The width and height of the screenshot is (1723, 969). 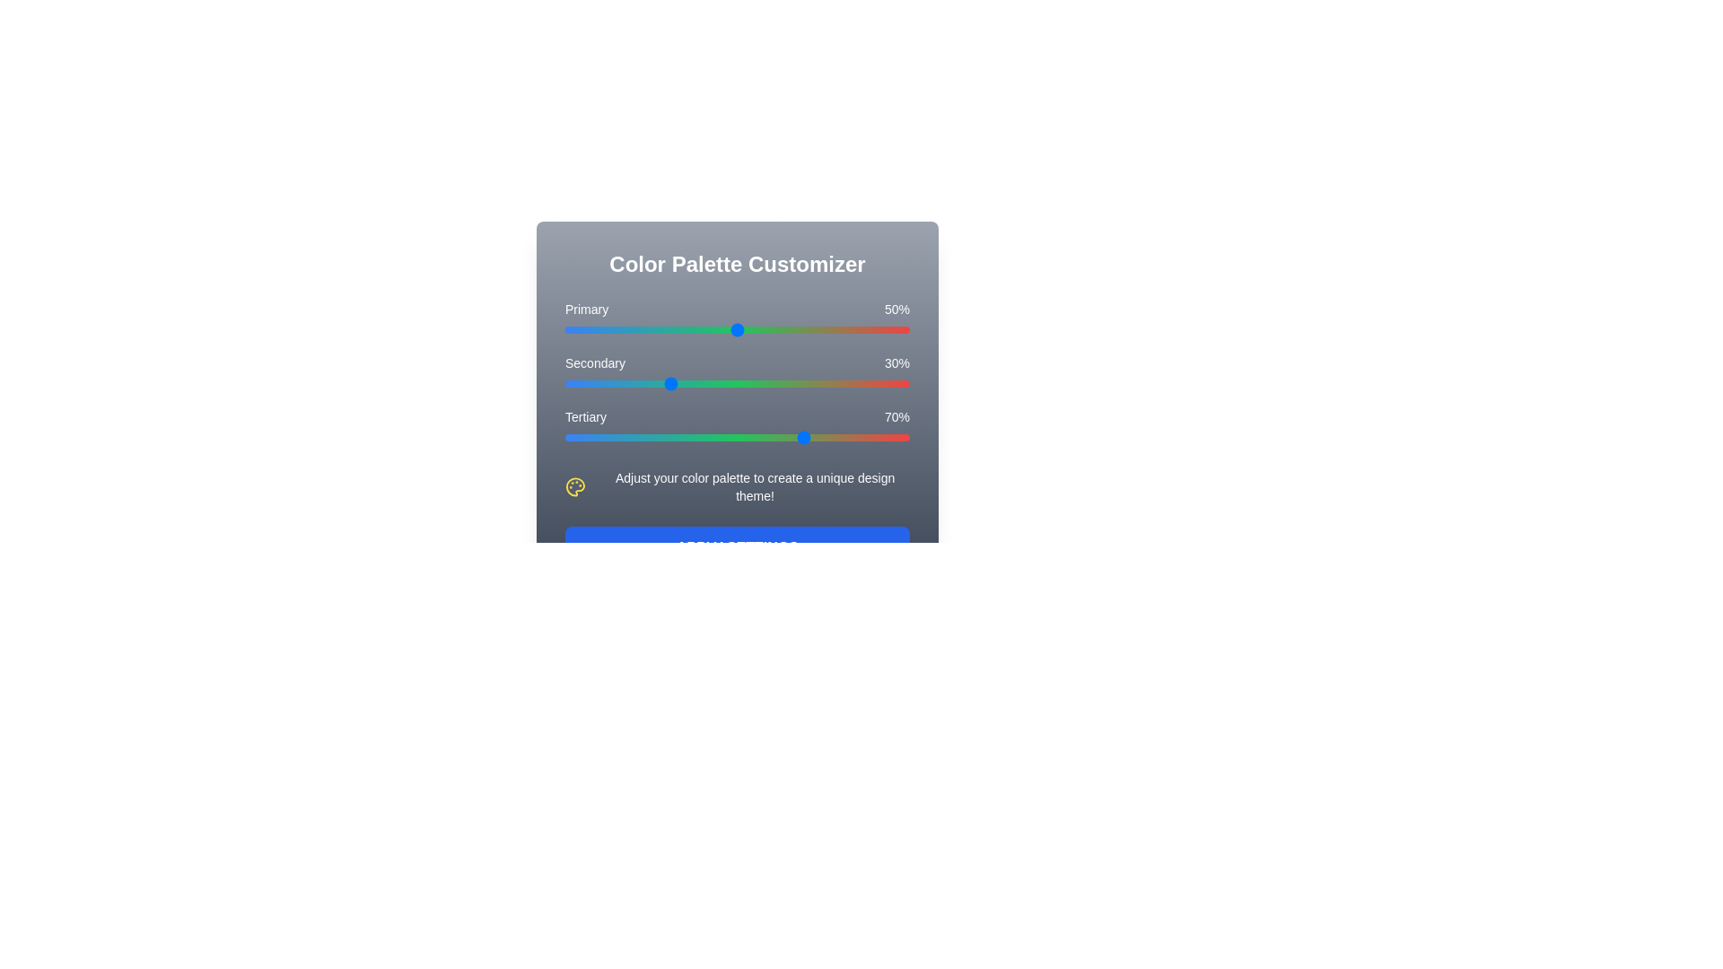 What do you see at coordinates (737, 319) in the screenshot?
I see `the slider handle of the 'Primary' range slider, which is a horizontal gradient slider transitioning from blue` at bounding box center [737, 319].